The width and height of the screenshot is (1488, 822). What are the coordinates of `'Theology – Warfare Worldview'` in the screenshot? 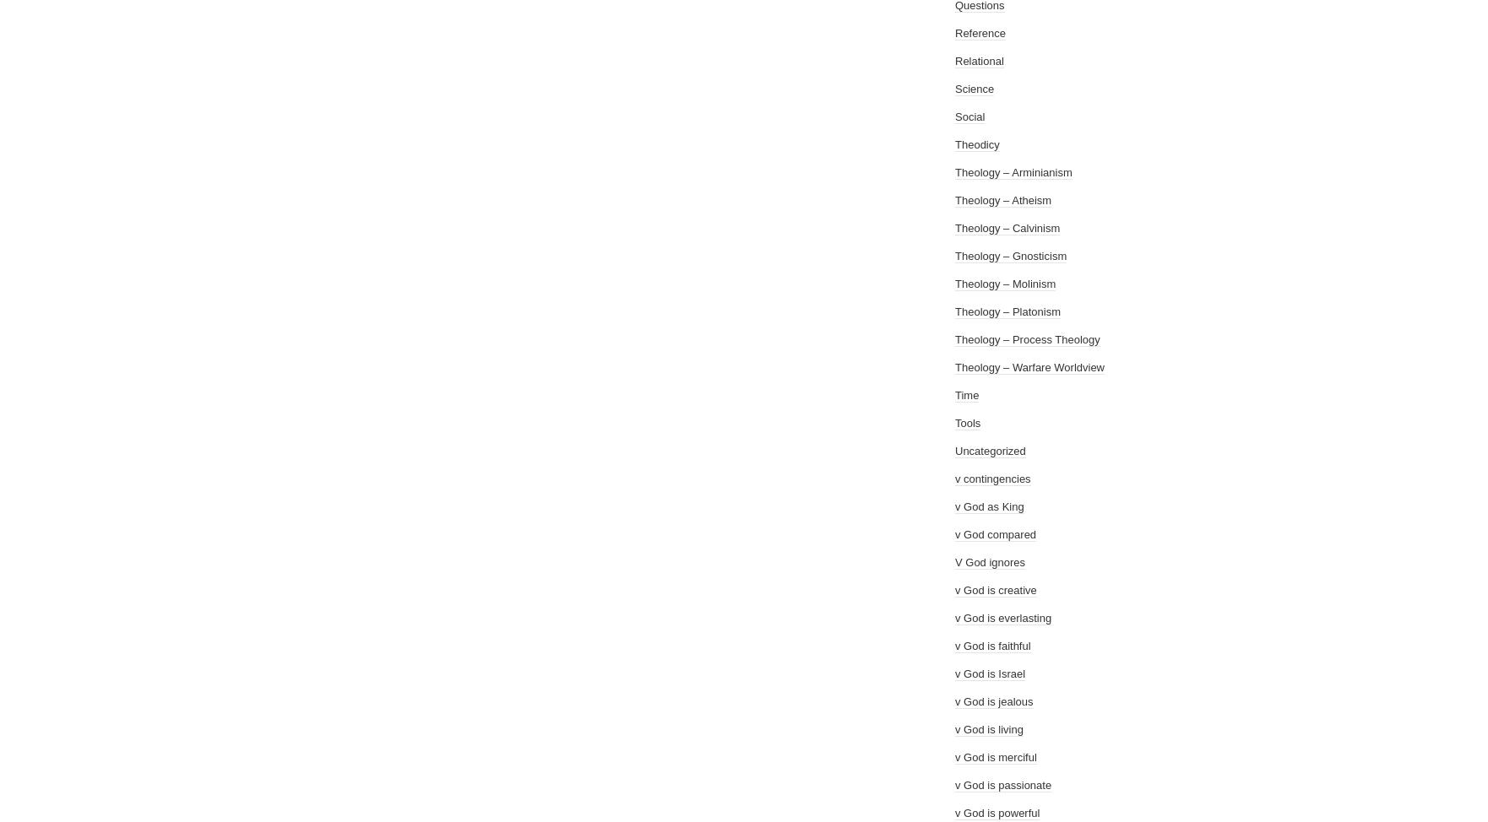 It's located at (1029, 366).